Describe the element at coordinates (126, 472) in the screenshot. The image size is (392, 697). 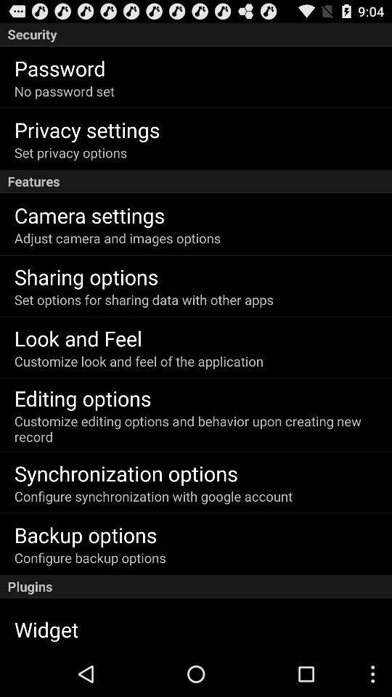
I see `synchronization options` at that location.